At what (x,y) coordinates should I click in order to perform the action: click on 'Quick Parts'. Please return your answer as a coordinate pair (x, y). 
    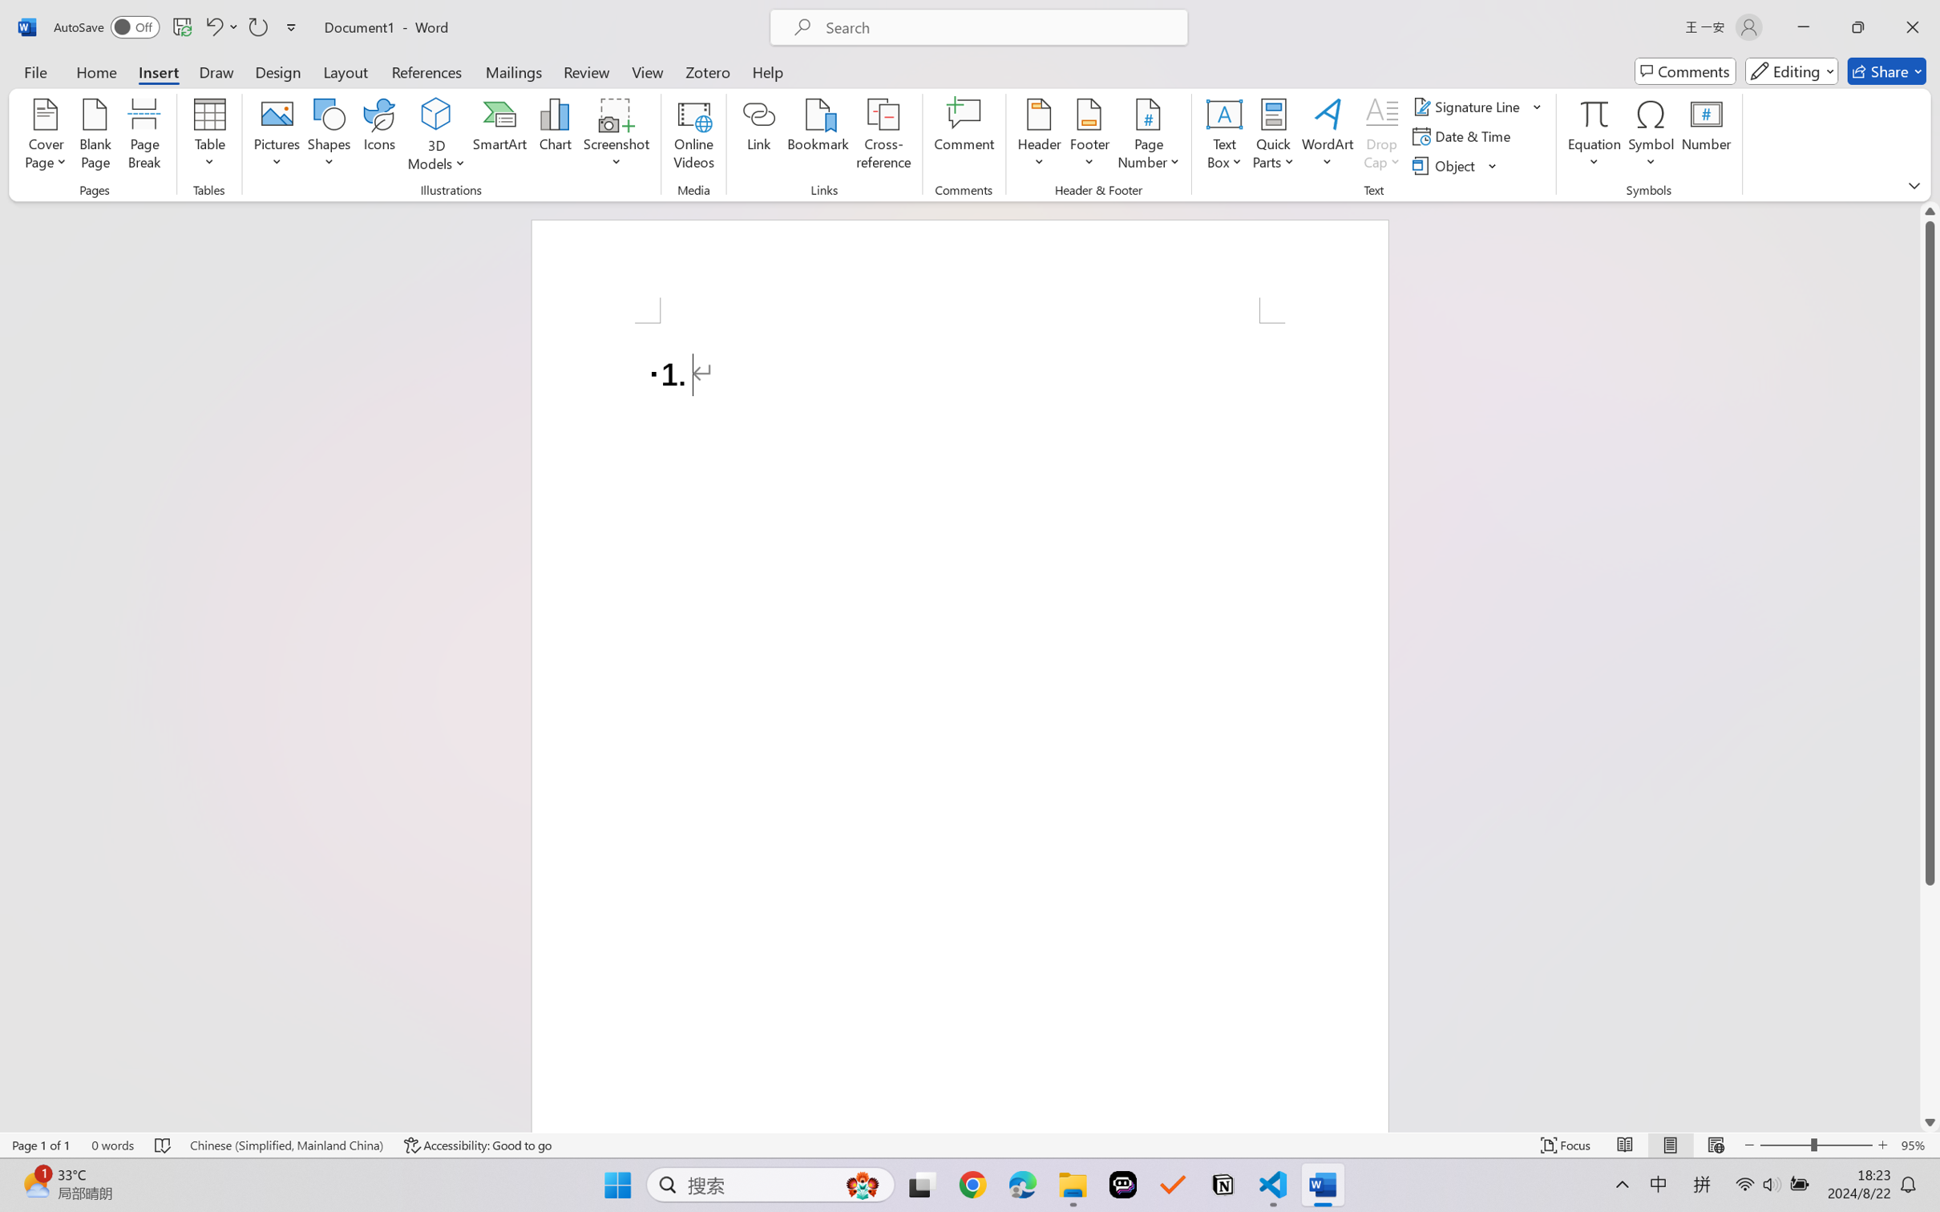
    Looking at the image, I should click on (1274, 136).